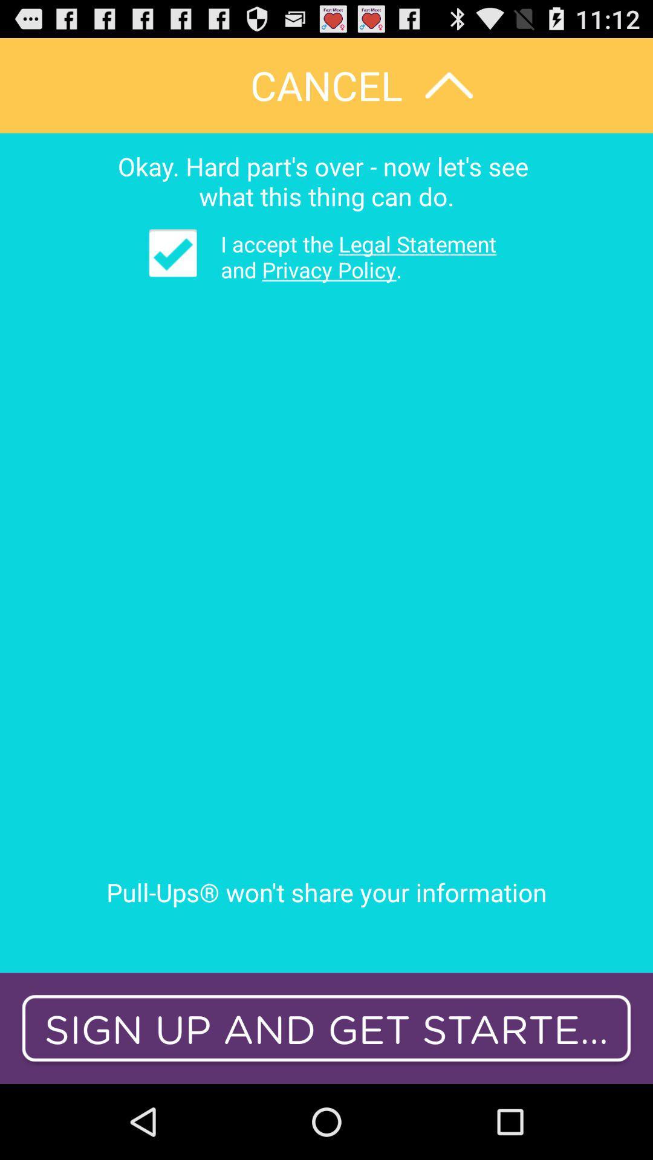 Image resolution: width=653 pixels, height=1160 pixels. I want to click on the check icon, so click(173, 270).